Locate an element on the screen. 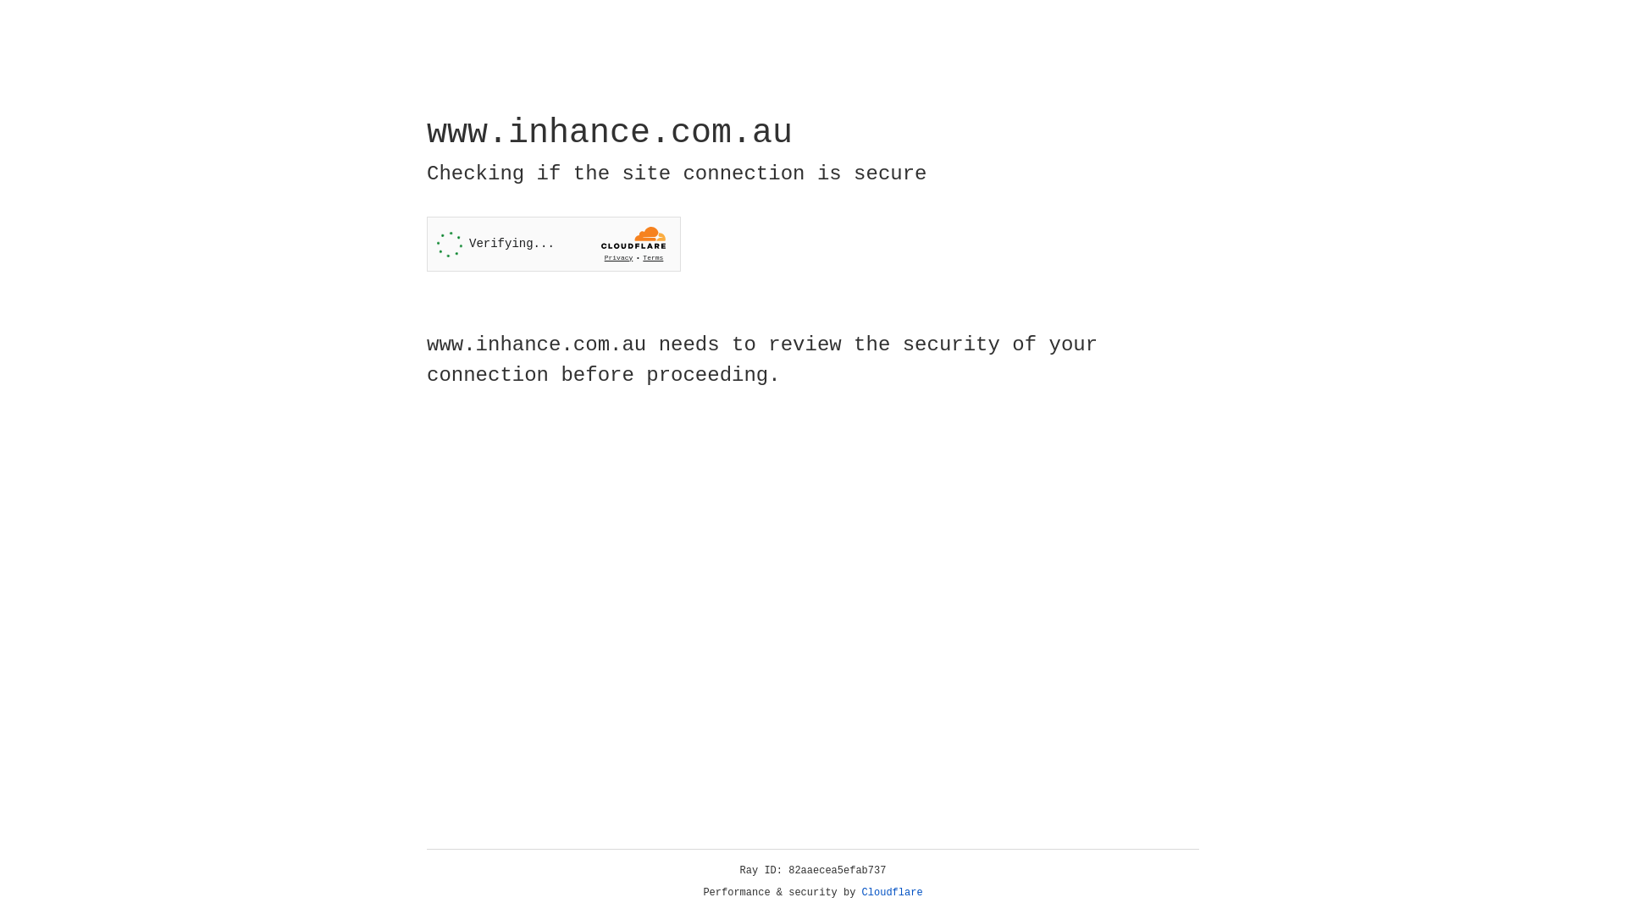 The image size is (1626, 914). 'Cloudflare' is located at coordinates (892, 892).